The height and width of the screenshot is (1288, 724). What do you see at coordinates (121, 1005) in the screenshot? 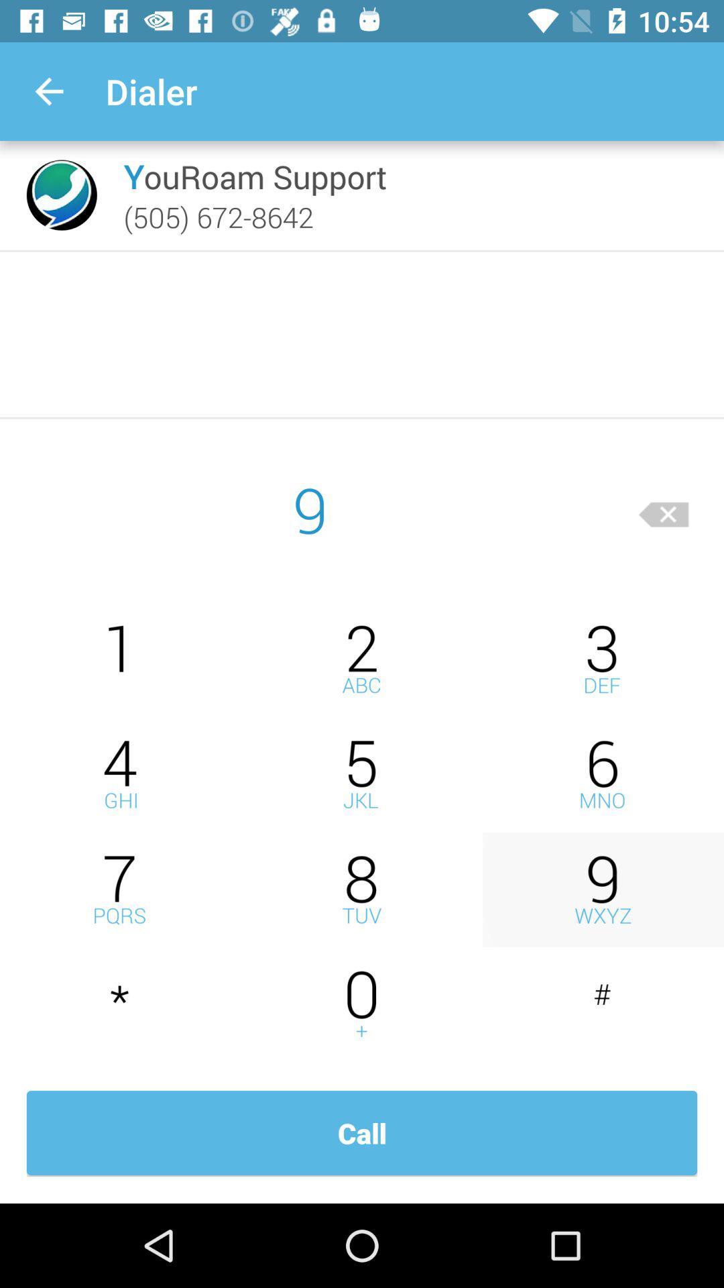
I see `dial star` at bounding box center [121, 1005].